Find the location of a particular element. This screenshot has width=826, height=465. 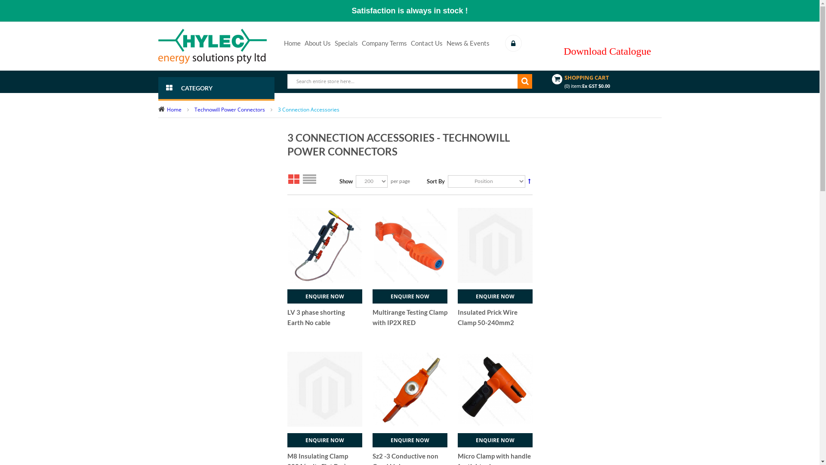

'News & Events' is located at coordinates (468, 43).